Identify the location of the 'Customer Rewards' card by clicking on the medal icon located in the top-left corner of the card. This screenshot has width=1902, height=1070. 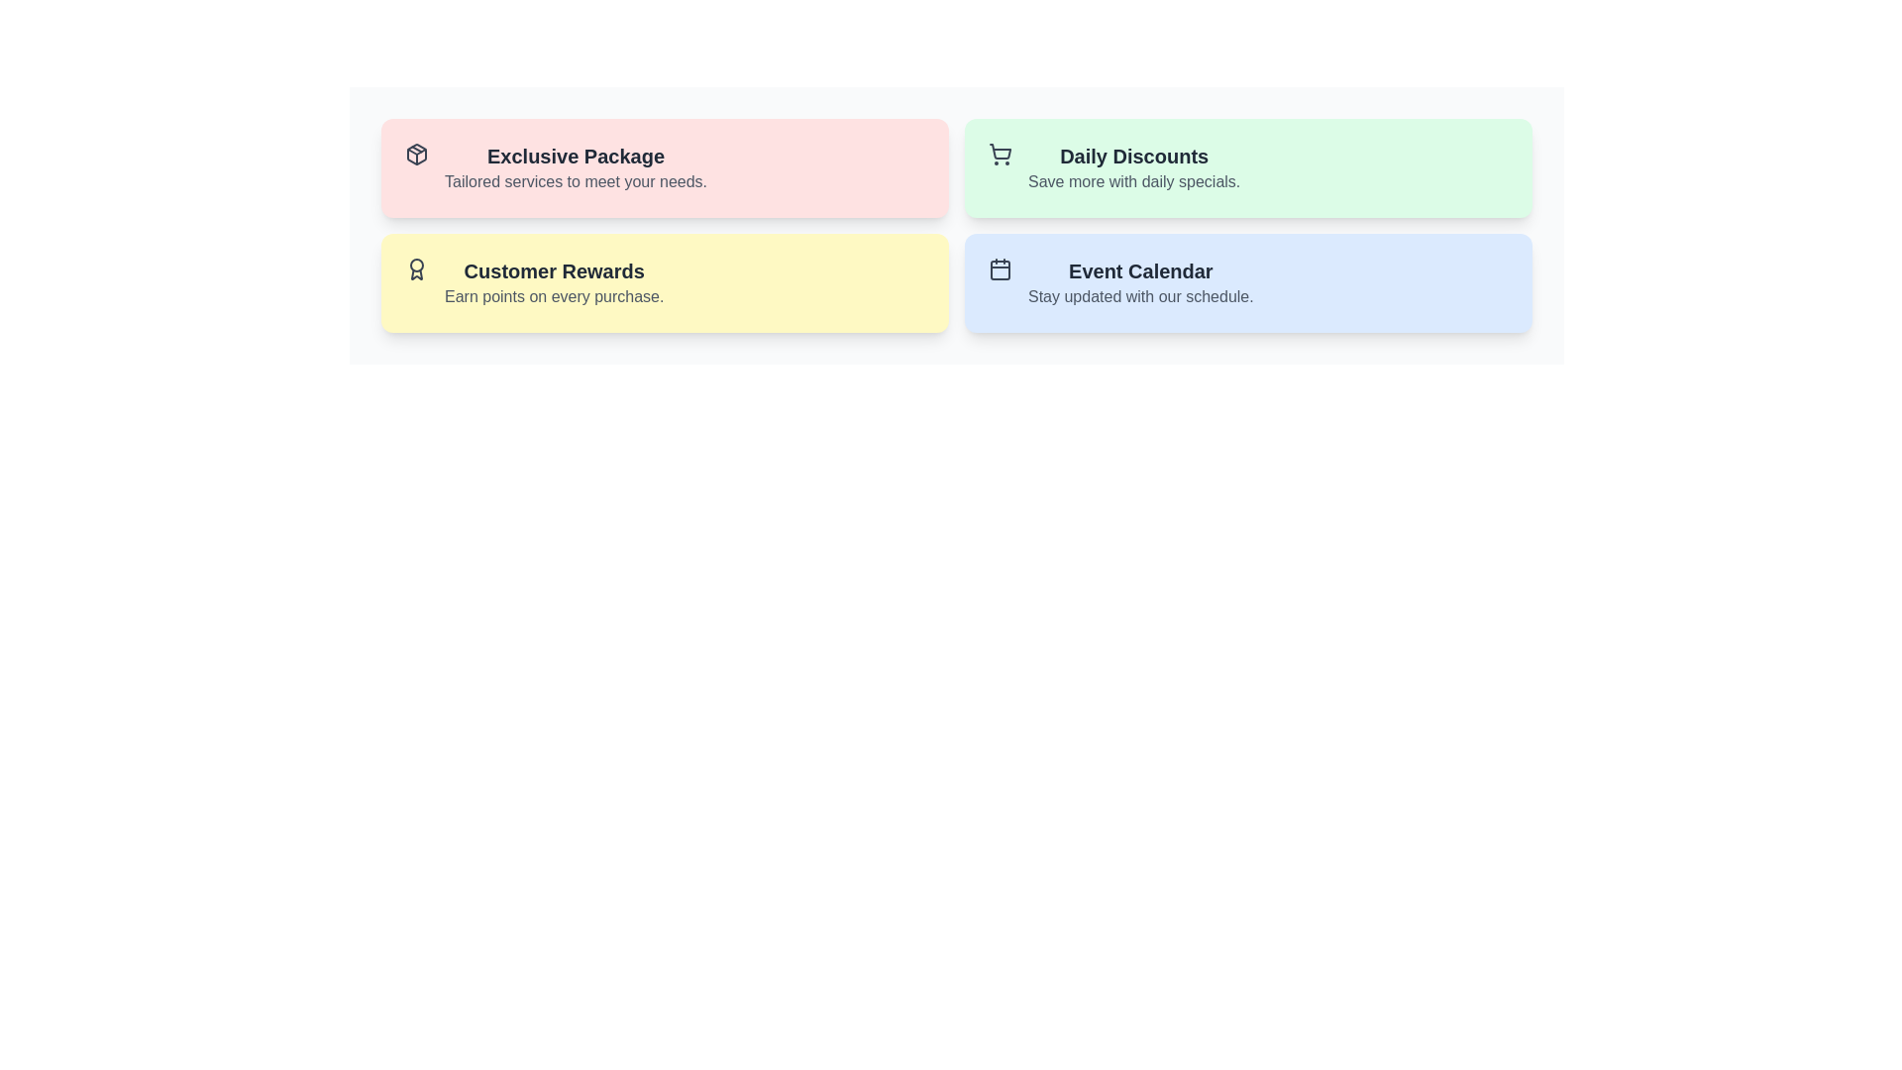
(416, 269).